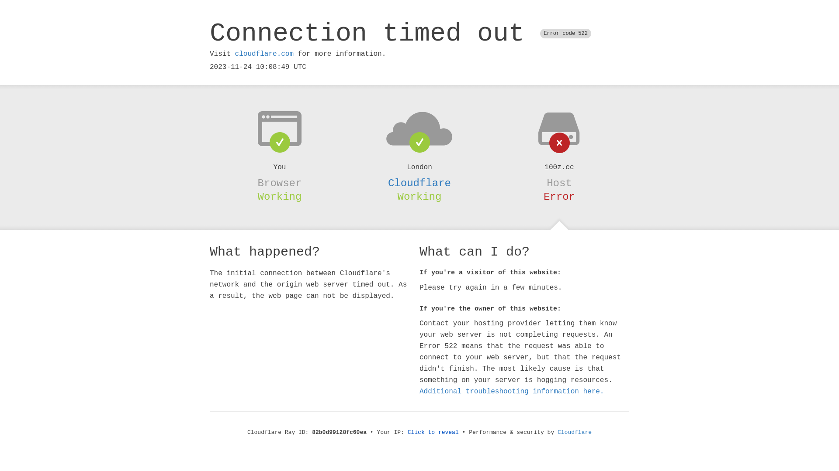 The width and height of the screenshot is (839, 471). What do you see at coordinates (512, 391) in the screenshot?
I see `'Additional troubleshooting information here.'` at bounding box center [512, 391].